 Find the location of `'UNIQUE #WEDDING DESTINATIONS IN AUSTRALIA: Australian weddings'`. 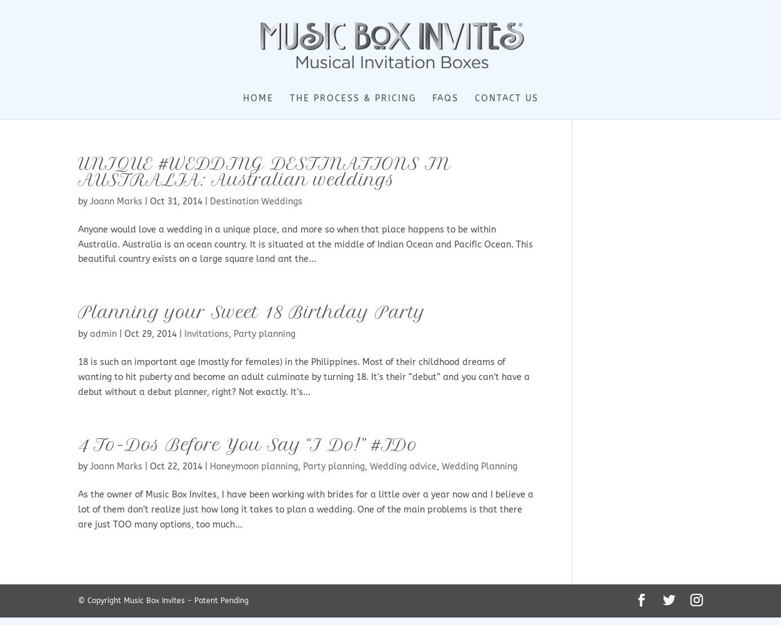

'UNIQUE #WEDDING DESTINATIONS IN AUSTRALIA: Australian weddings' is located at coordinates (264, 171).